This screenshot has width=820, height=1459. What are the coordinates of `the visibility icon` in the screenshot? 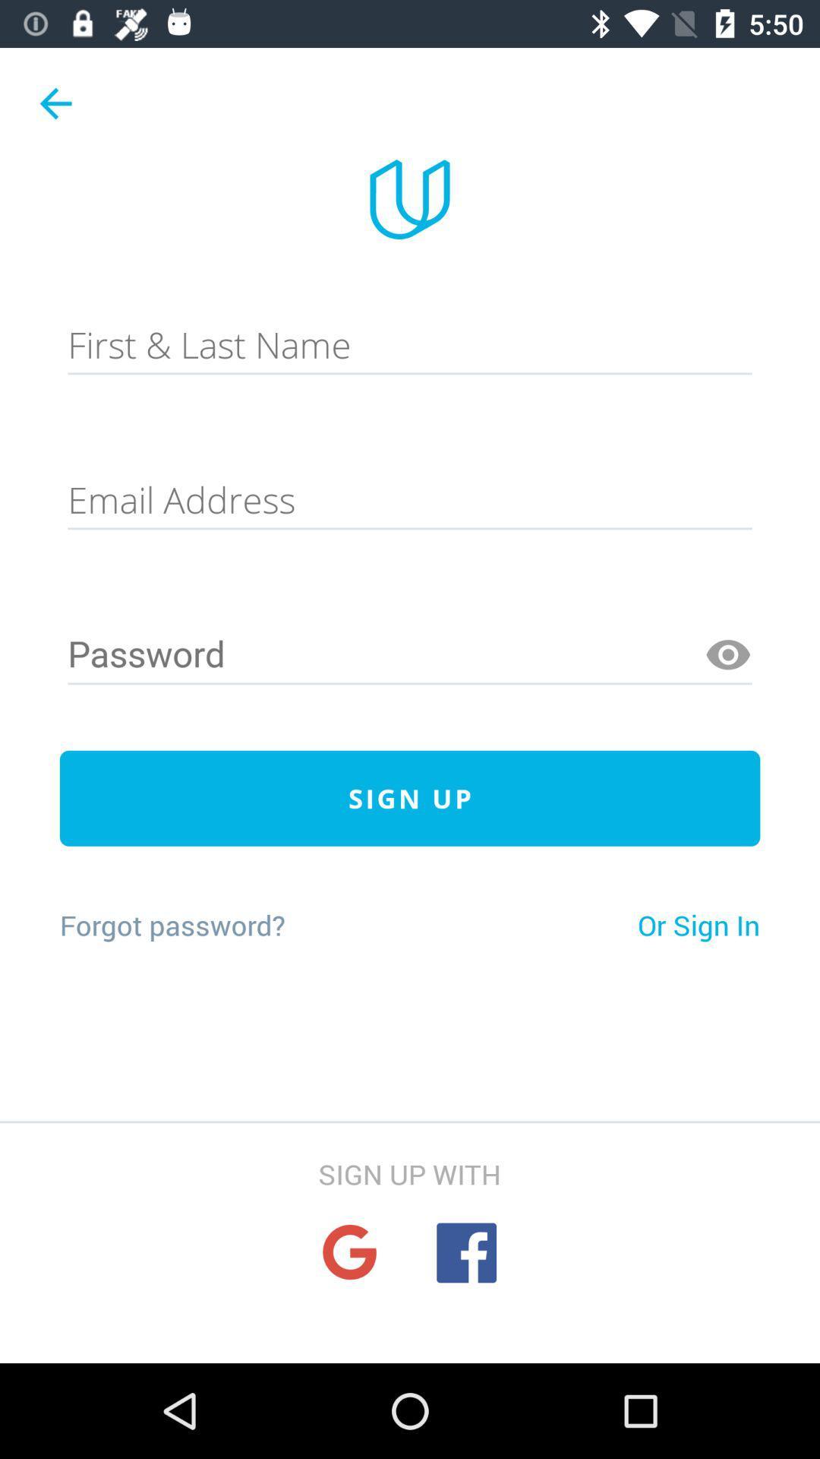 It's located at (727, 655).